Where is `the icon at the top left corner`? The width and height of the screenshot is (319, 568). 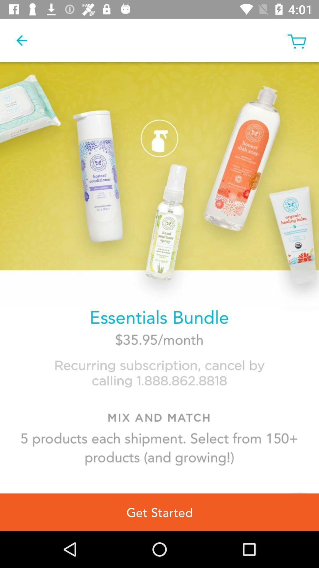 the icon at the top left corner is located at coordinates (21, 40).